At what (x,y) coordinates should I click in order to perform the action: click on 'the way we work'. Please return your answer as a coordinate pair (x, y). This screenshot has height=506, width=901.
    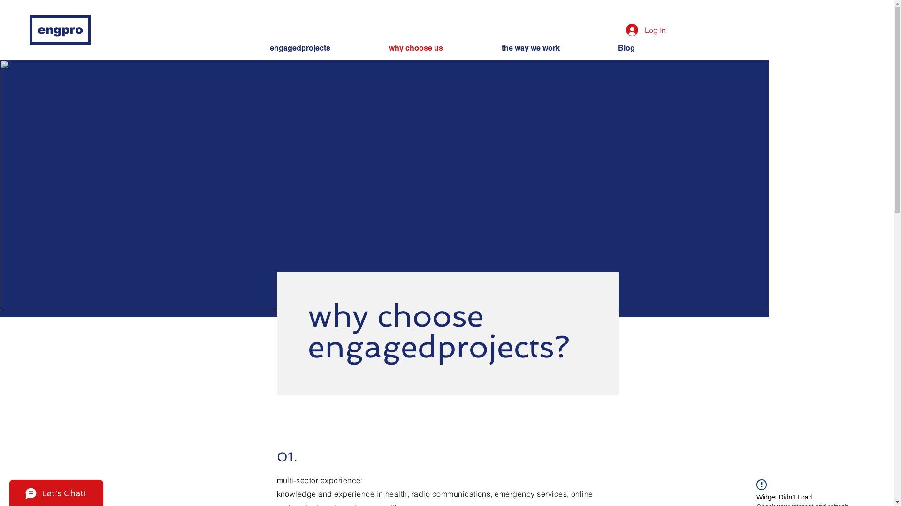
    Looking at the image, I should click on (552, 48).